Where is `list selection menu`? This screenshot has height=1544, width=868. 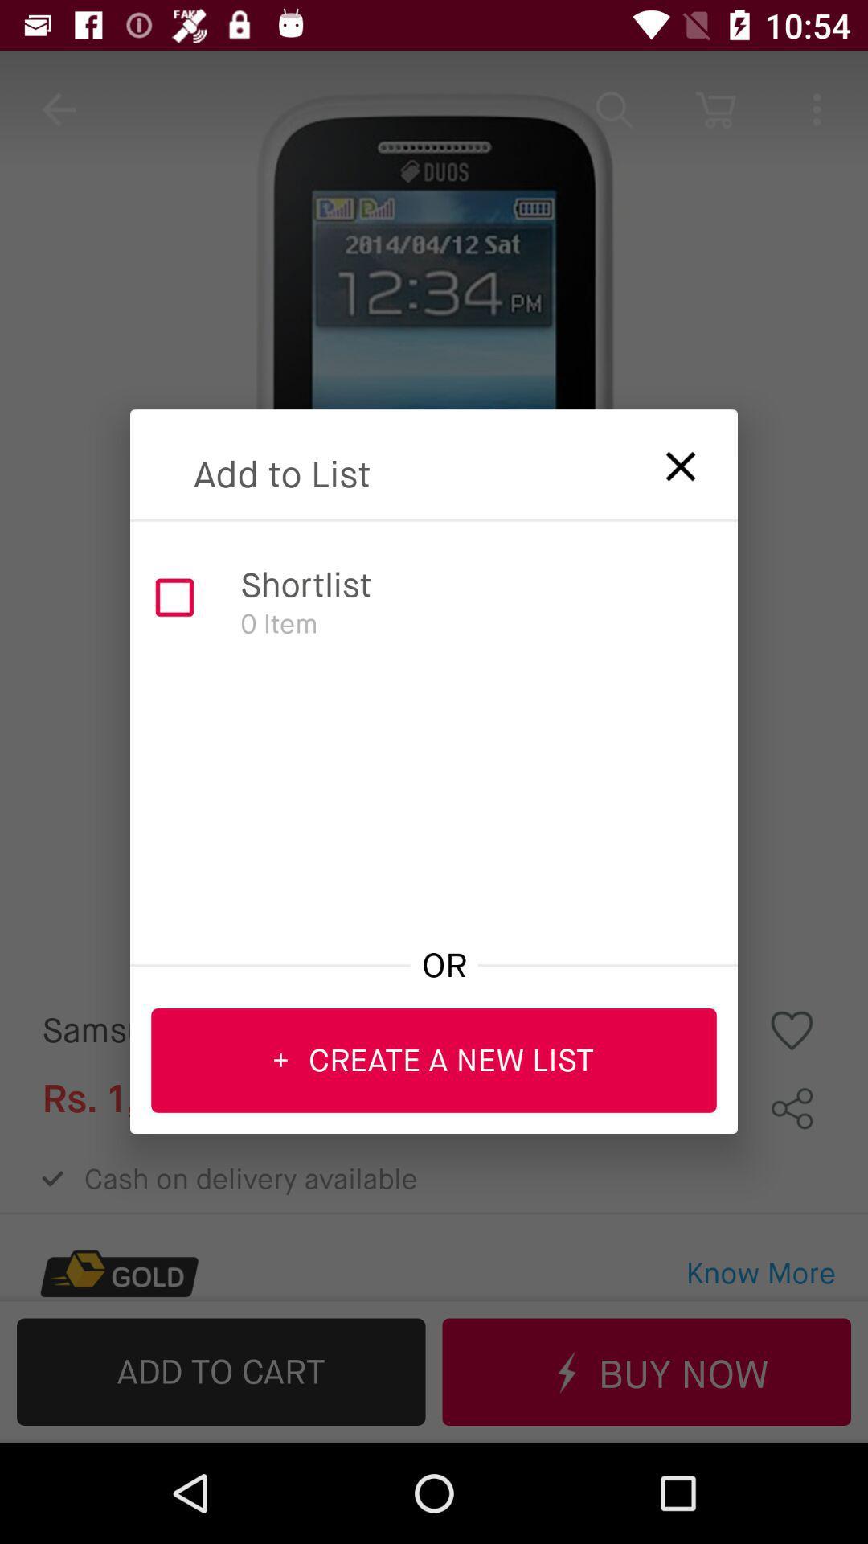 list selection menu is located at coordinates (669, 460).